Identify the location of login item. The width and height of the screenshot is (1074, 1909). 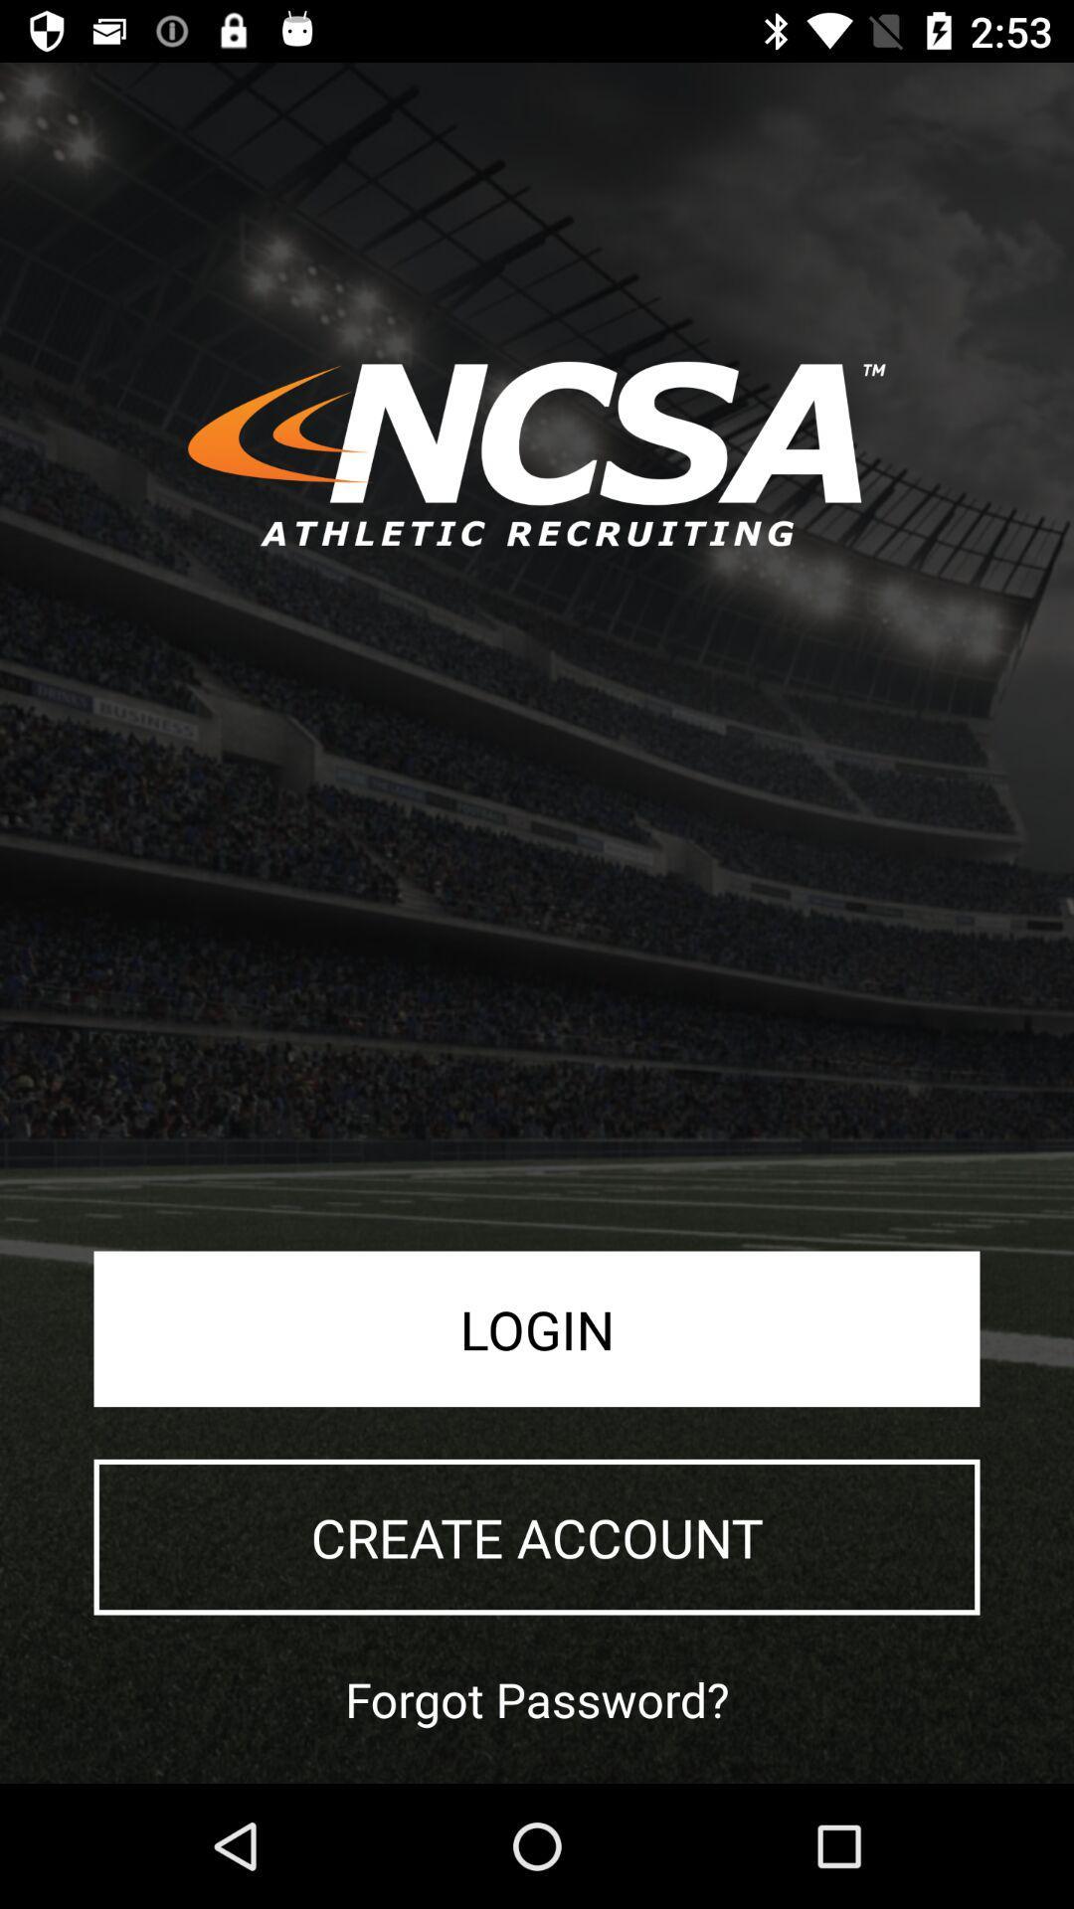
(537, 1328).